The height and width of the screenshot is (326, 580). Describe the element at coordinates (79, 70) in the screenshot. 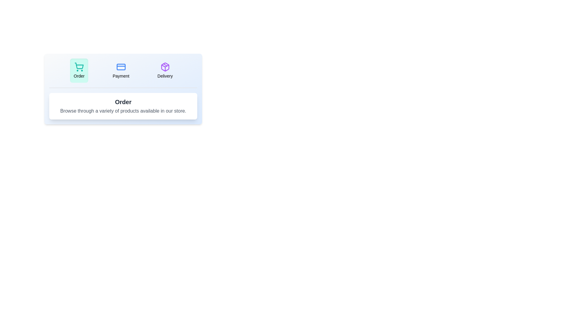

I see `the Order tab by clicking on it` at that location.